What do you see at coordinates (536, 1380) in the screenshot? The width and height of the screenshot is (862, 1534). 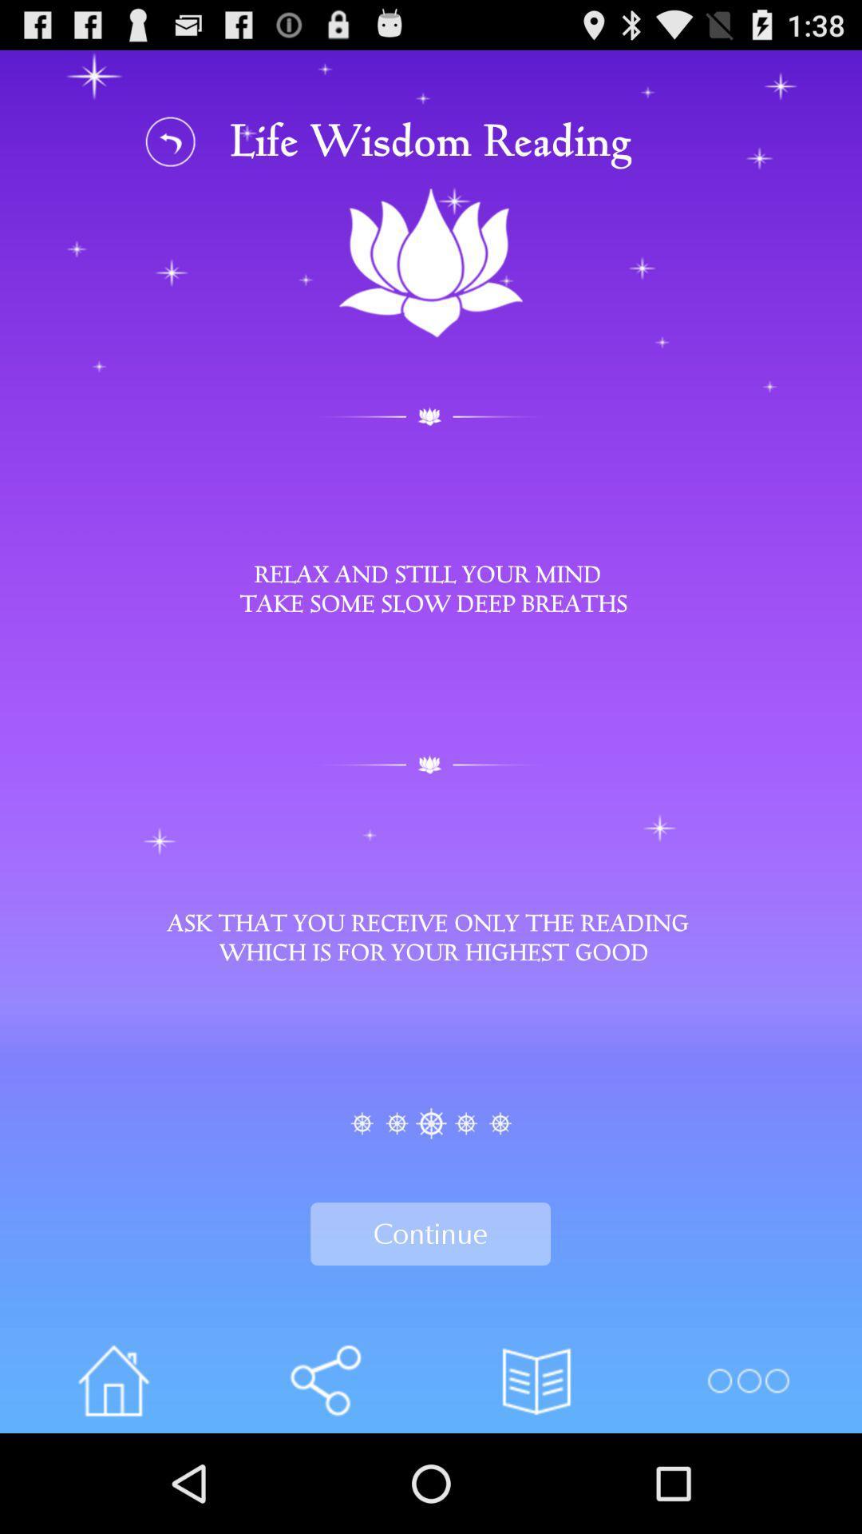 I see `the button on the right next to the share button on the web page` at bounding box center [536, 1380].